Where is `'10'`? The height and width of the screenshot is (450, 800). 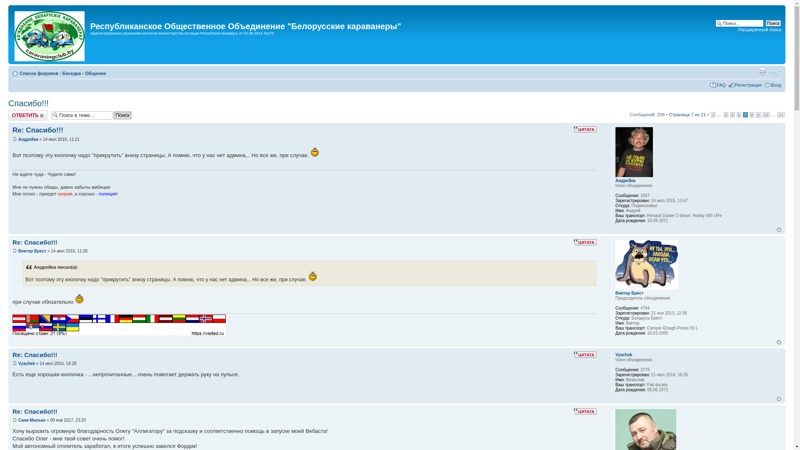 '10' is located at coordinates (766, 115).